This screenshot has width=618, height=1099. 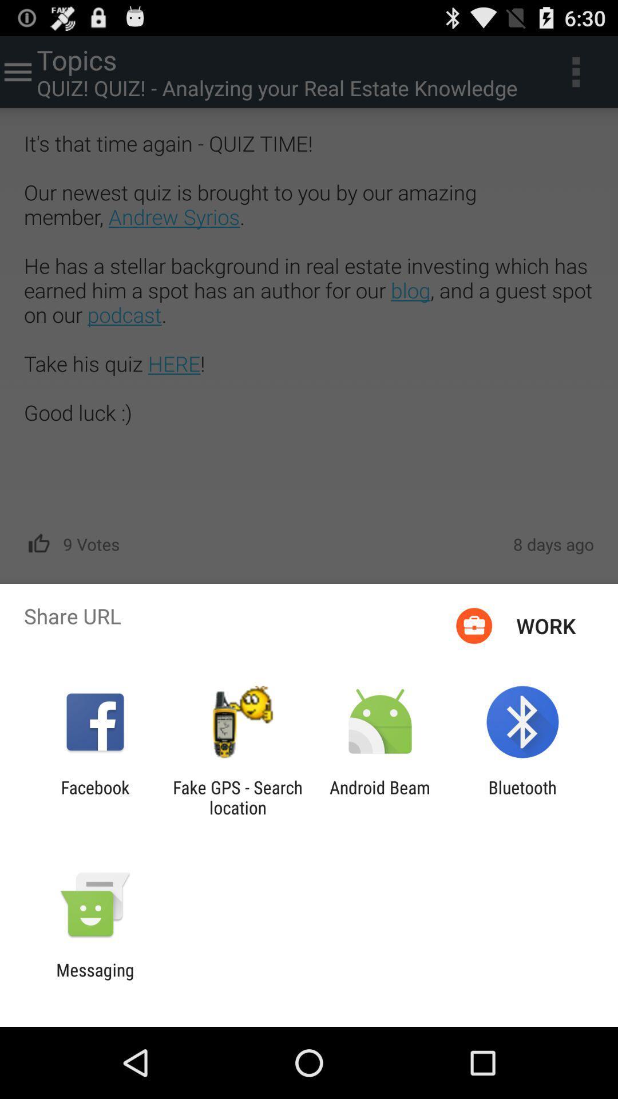 What do you see at coordinates (380, 797) in the screenshot?
I see `the icon to the left of the bluetooth` at bounding box center [380, 797].